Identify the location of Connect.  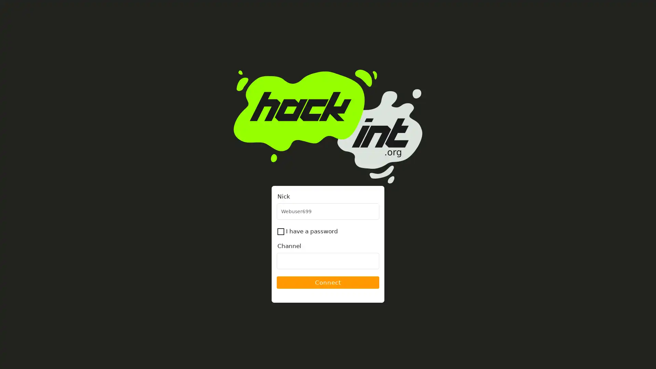
(328, 282).